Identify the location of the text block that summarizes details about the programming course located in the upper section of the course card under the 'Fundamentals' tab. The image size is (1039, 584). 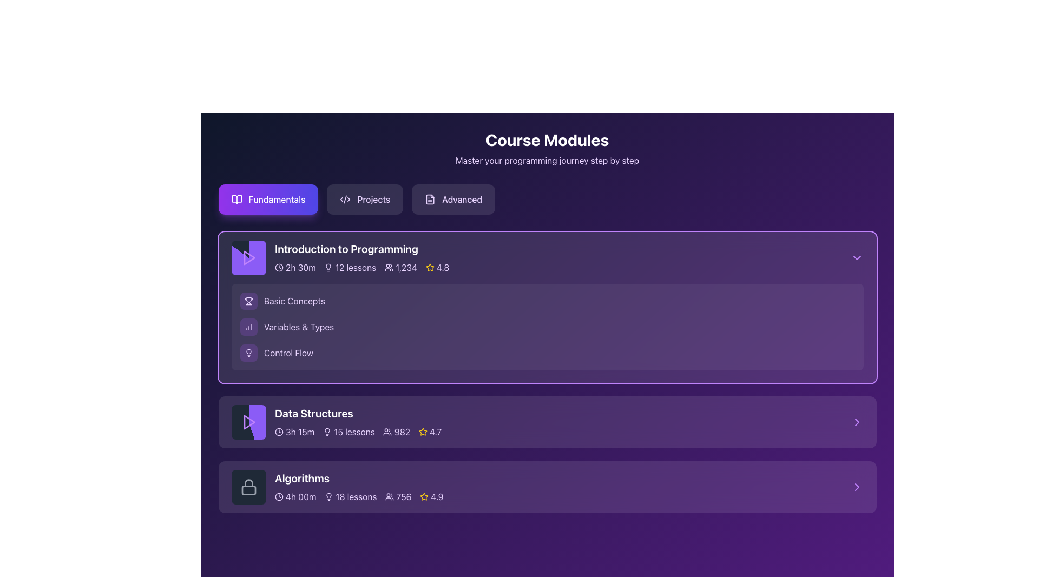
(361, 258).